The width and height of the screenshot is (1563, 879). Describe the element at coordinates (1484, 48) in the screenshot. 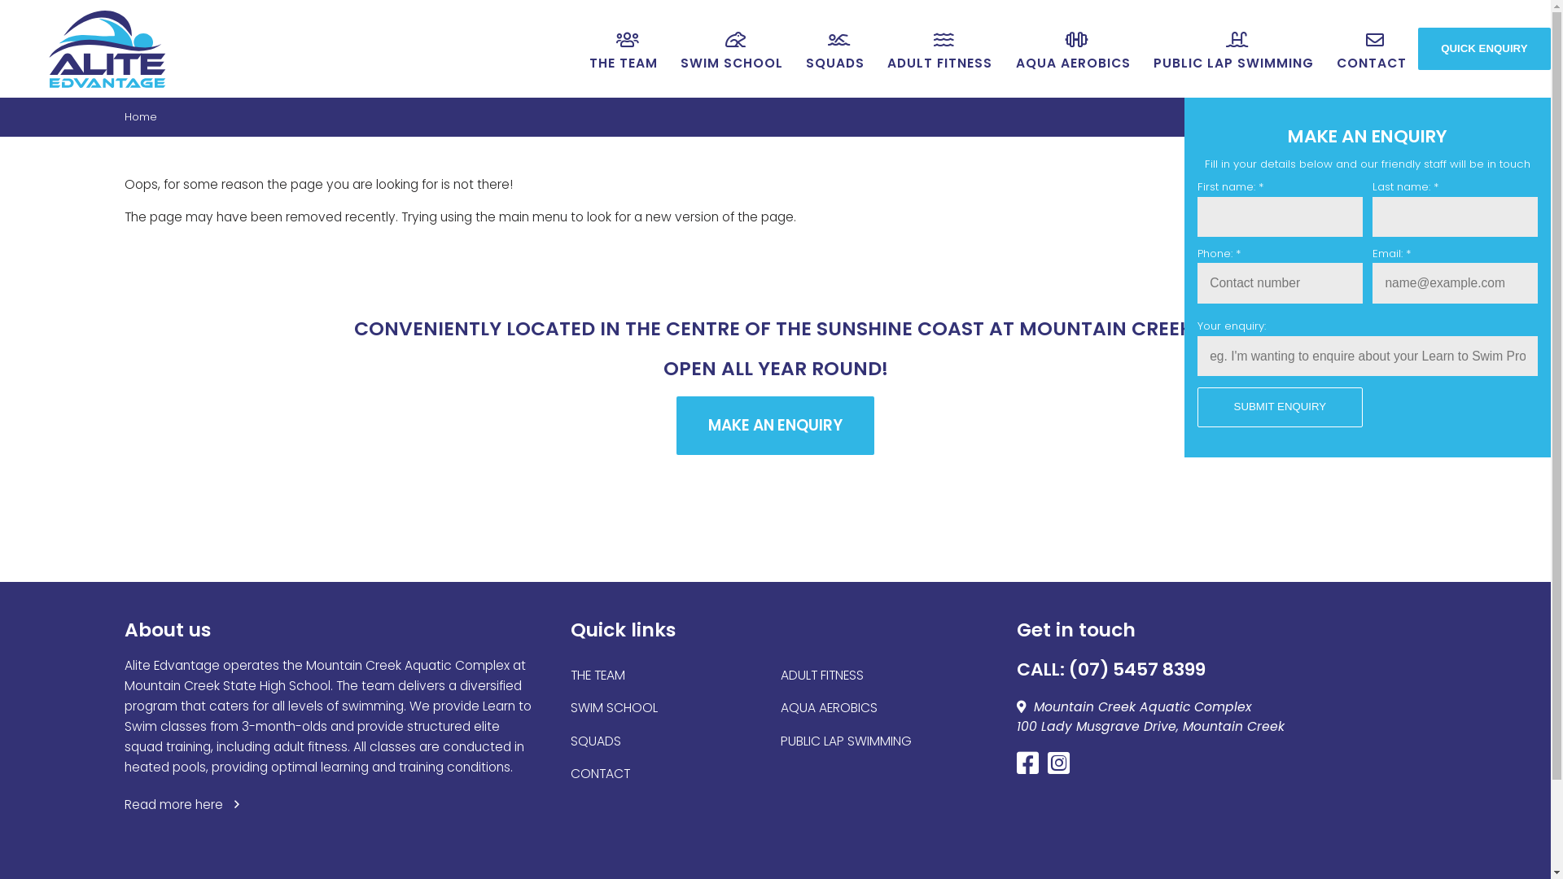

I see `'QUICK ENQUIRY'` at that location.